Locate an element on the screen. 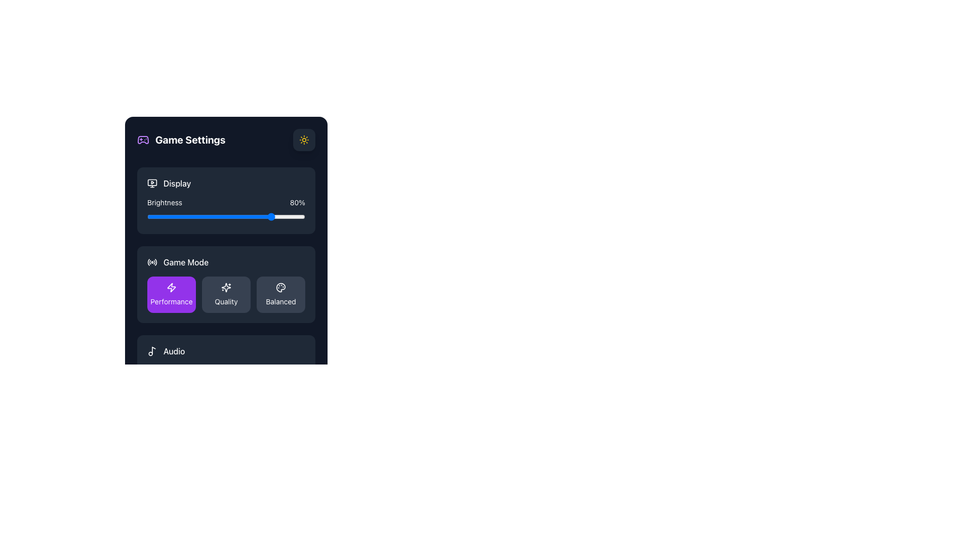 The image size is (972, 546). text label for the 'Performance' button, which identifies the function of this interactive option within the 'Game Mode' settings is located at coordinates (172, 301).